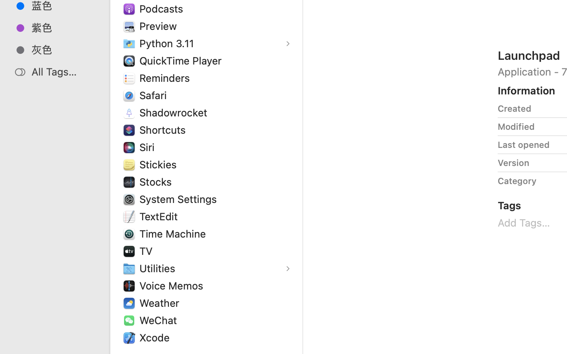 Image resolution: width=567 pixels, height=354 pixels. I want to click on 'TV', so click(147, 251).